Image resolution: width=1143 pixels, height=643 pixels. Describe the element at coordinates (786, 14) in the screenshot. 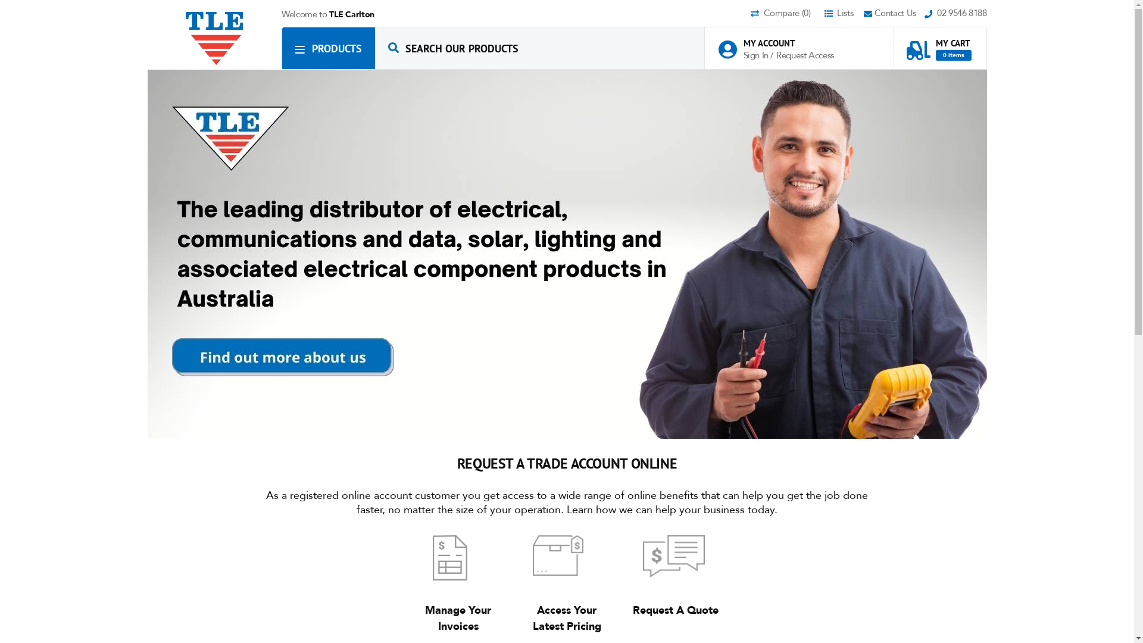

I see `'Compare 0'` at that location.